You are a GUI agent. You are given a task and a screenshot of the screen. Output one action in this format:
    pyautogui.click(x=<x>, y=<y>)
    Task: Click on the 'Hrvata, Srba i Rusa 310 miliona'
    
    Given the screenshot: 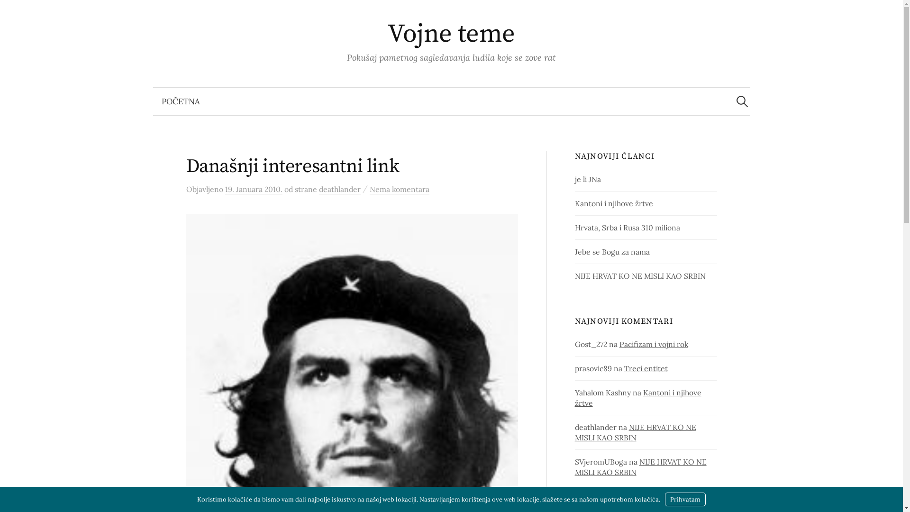 What is the action you would take?
    pyautogui.click(x=628, y=227)
    